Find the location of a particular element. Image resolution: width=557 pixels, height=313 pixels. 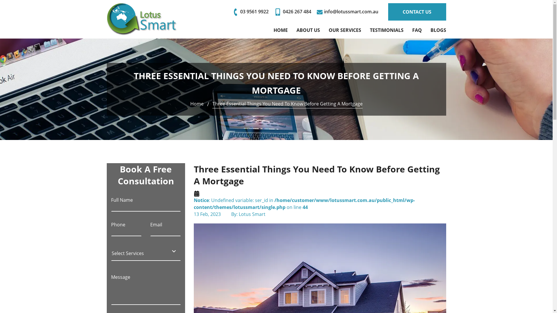

'CONTACT US' is located at coordinates (417, 12).